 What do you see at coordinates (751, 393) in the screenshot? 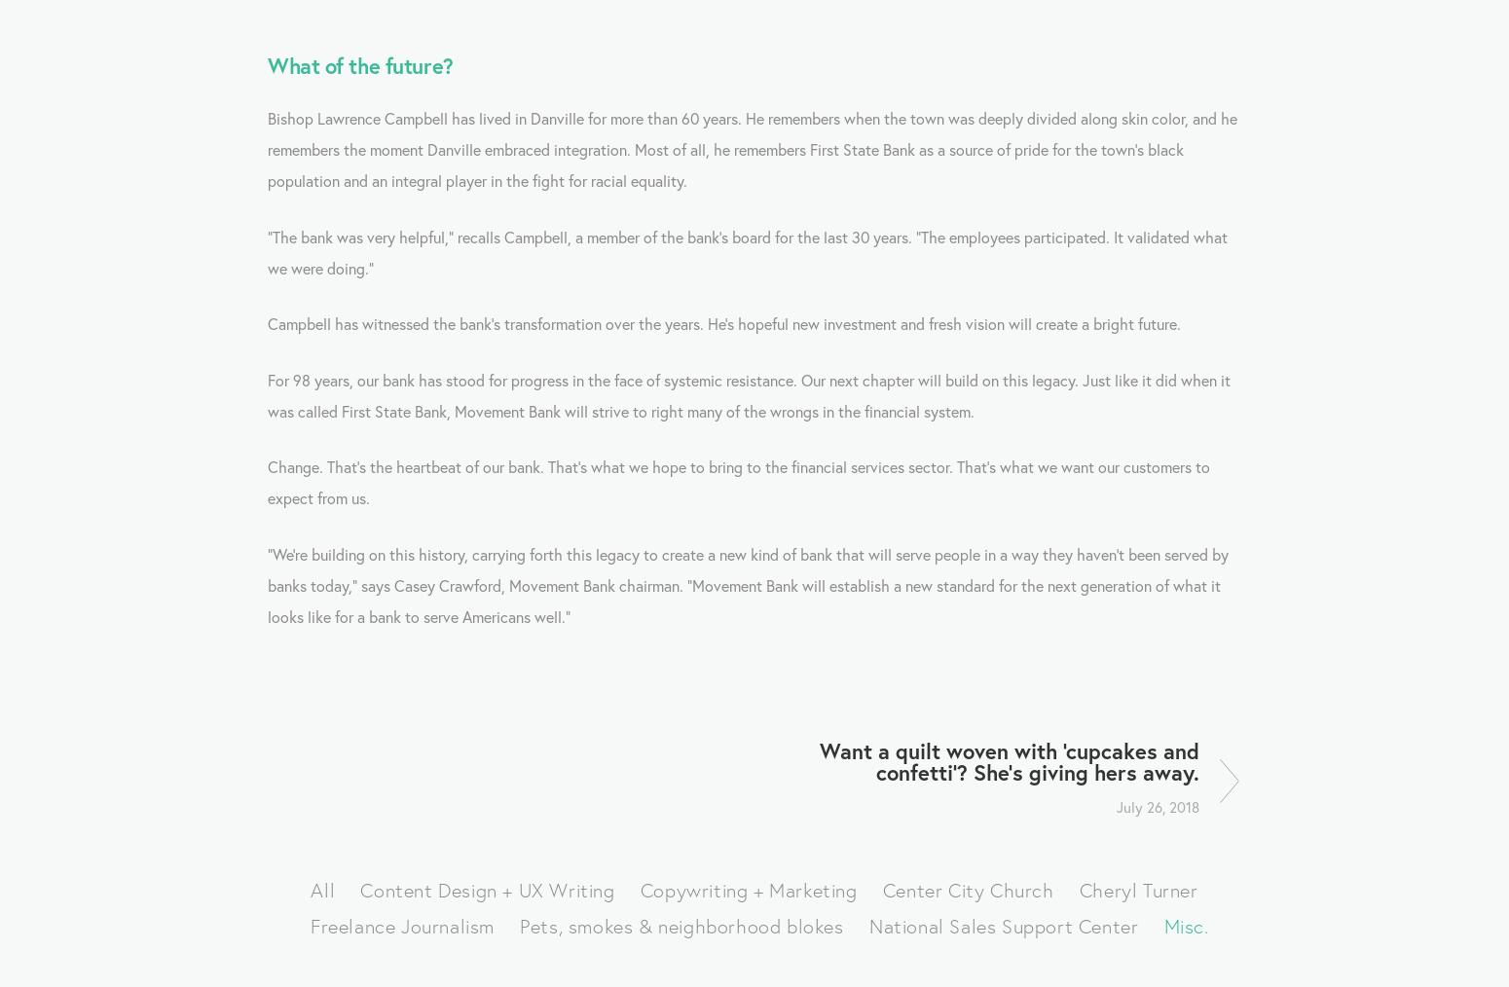
I see `'For 98 years, our bank has stood for progress in the face of systemic resistance. Our next chapter will build on this legacy. Just like it did when it was called First State Bank, Movement Bank will strive to right many of the wrongs in the financial system.'` at bounding box center [751, 393].